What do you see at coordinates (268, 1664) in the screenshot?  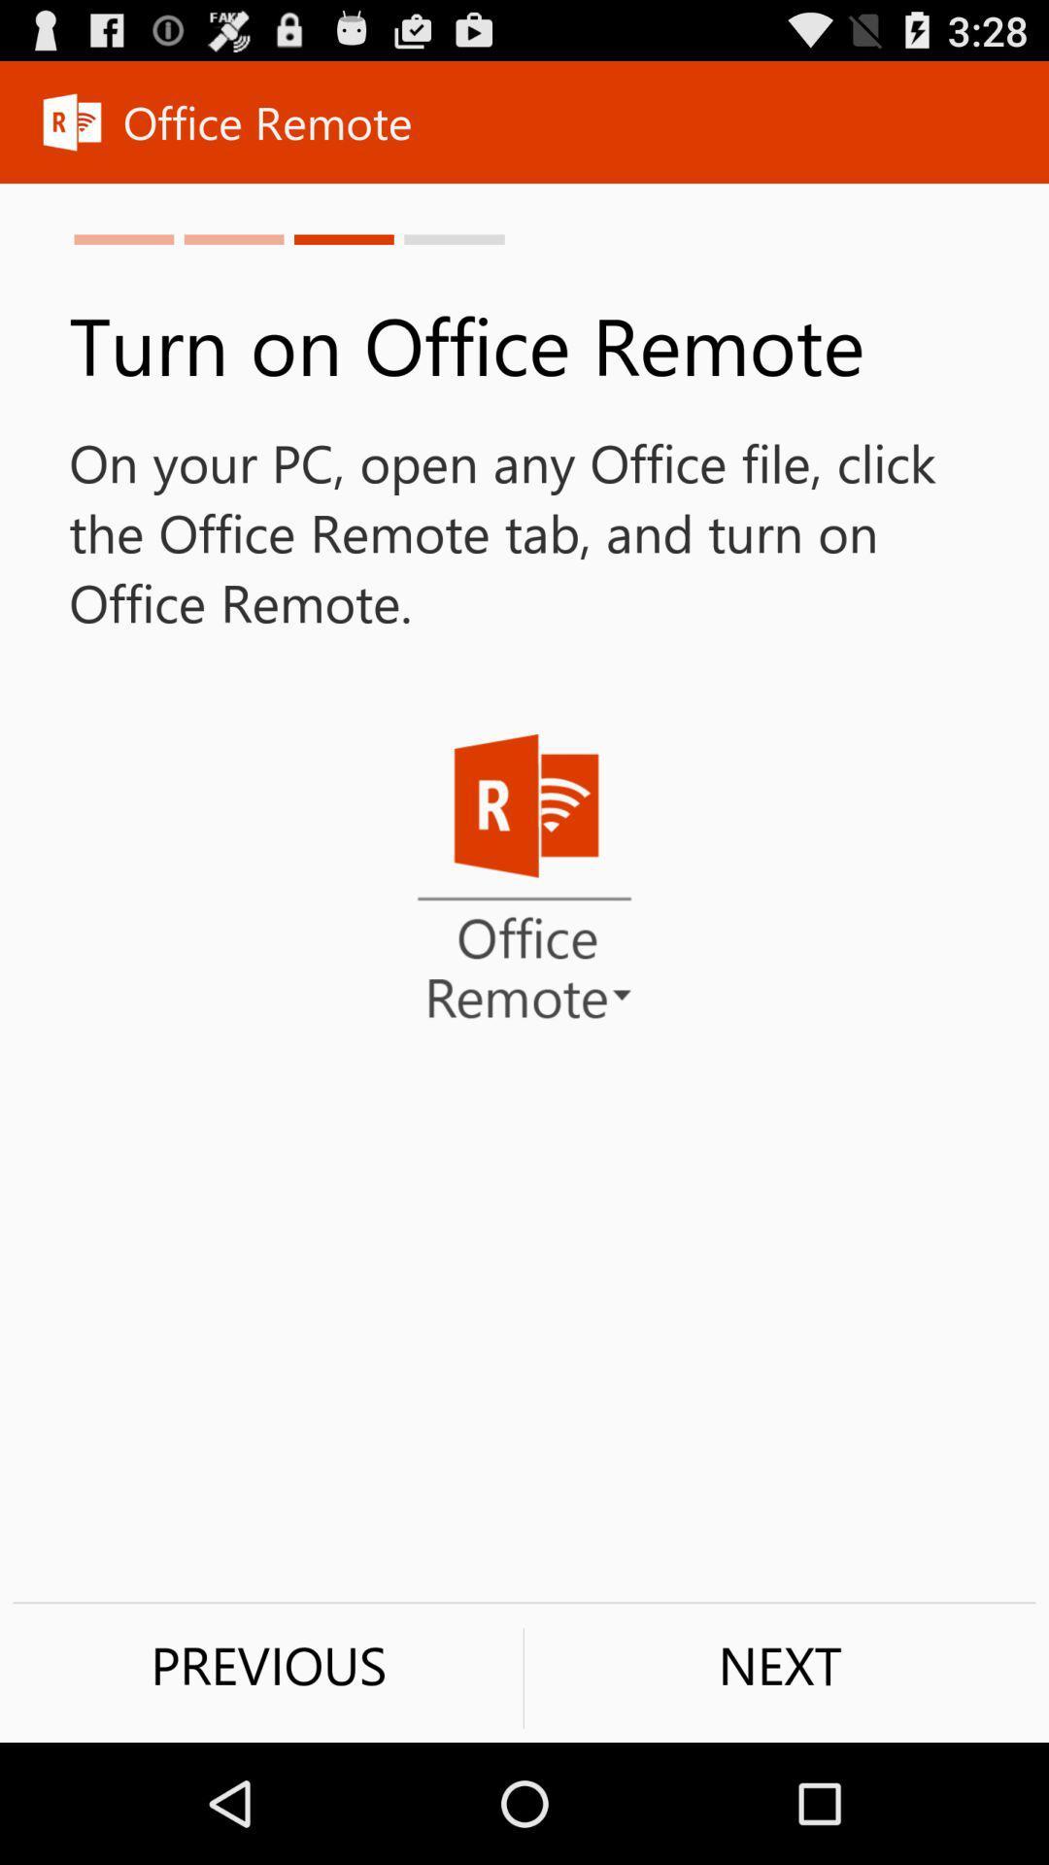 I see `item next to next item` at bounding box center [268, 1664].